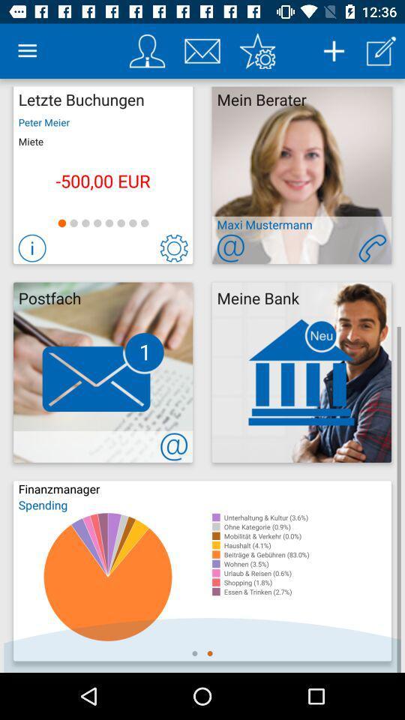  Describe the element at coordinates (147, 51) in the screenshot. I see `open profile` at that location.